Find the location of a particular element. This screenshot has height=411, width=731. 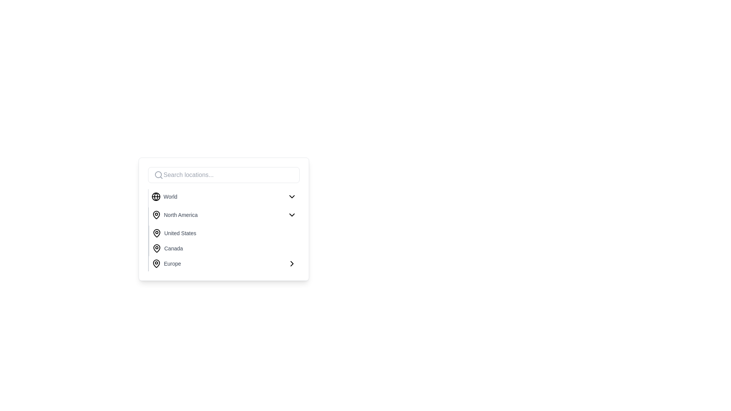

the 'United States' list item in the dropdown menu, which is the third item in the vertical list of geographical names is located at coordinates (223, 230).